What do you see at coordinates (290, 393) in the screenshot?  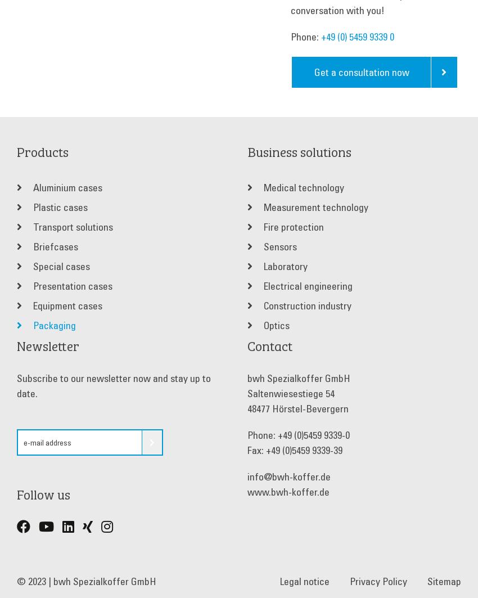 I see `'Saltenwiesestiege 54'` at bounding box center [290, 393].